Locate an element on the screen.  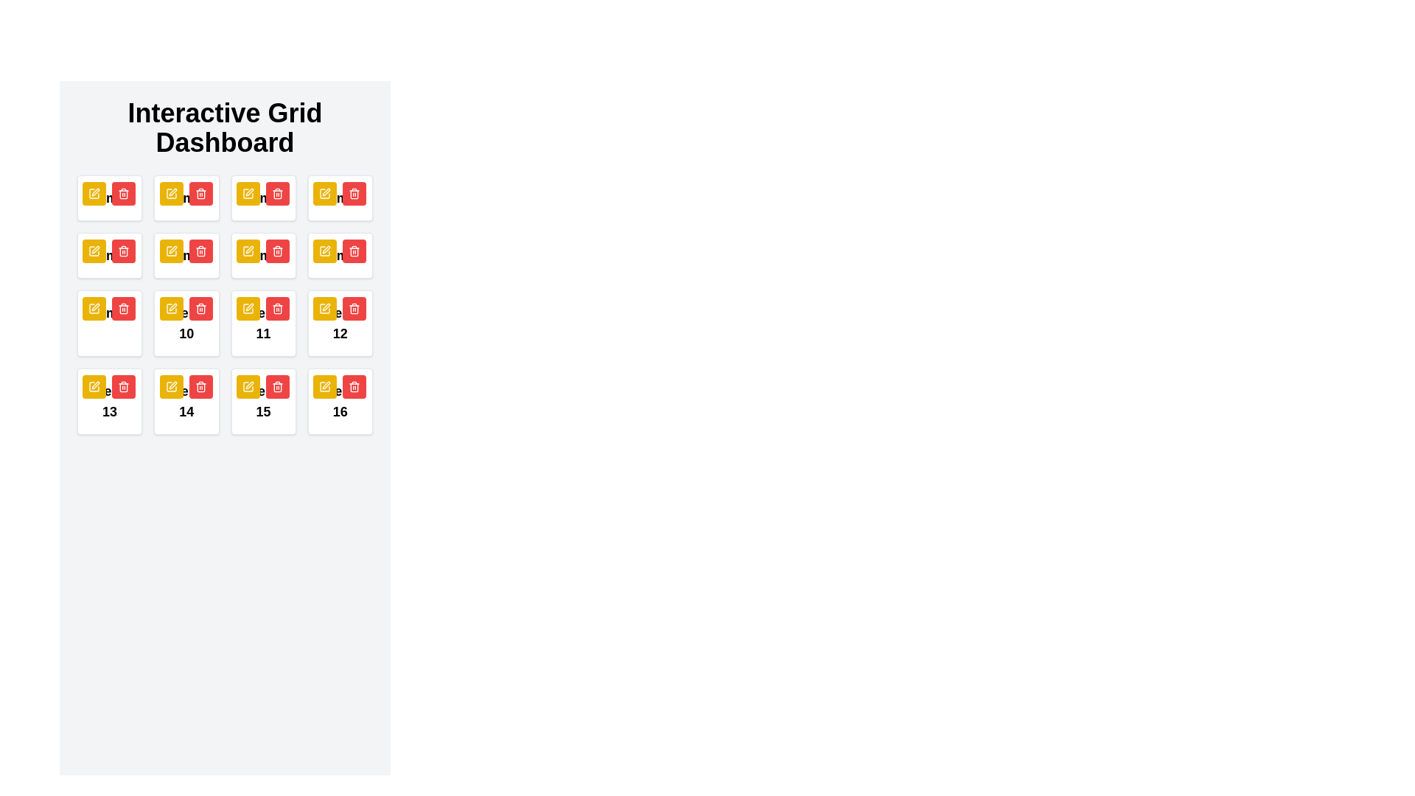
the delete button with a trash can icon located in the top-right corner of the card element, positioned in the second row, second column of the grid layout is located at coordinates (124, 250).